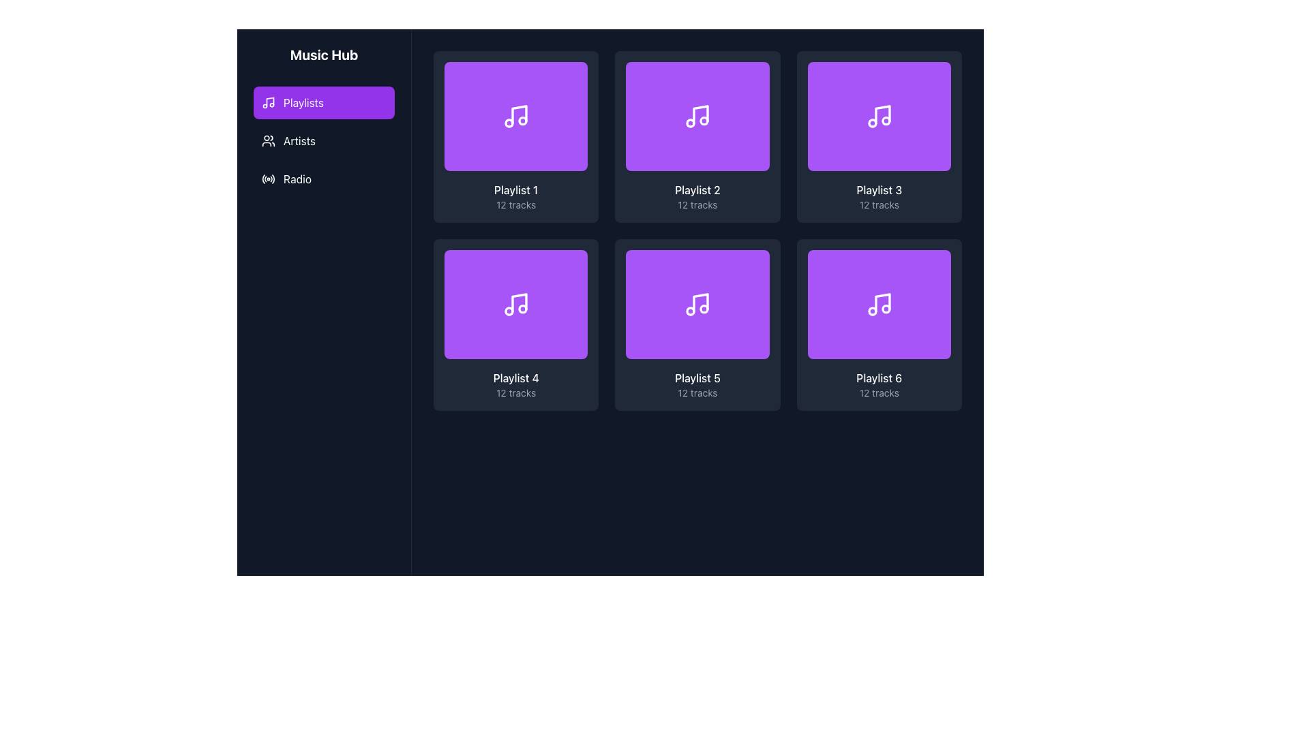  I want to click on the text label indicating the number of tracks available in 'Playlist 6', which is located at the bottom-center of the sixth playlist card, so click(879, 393).